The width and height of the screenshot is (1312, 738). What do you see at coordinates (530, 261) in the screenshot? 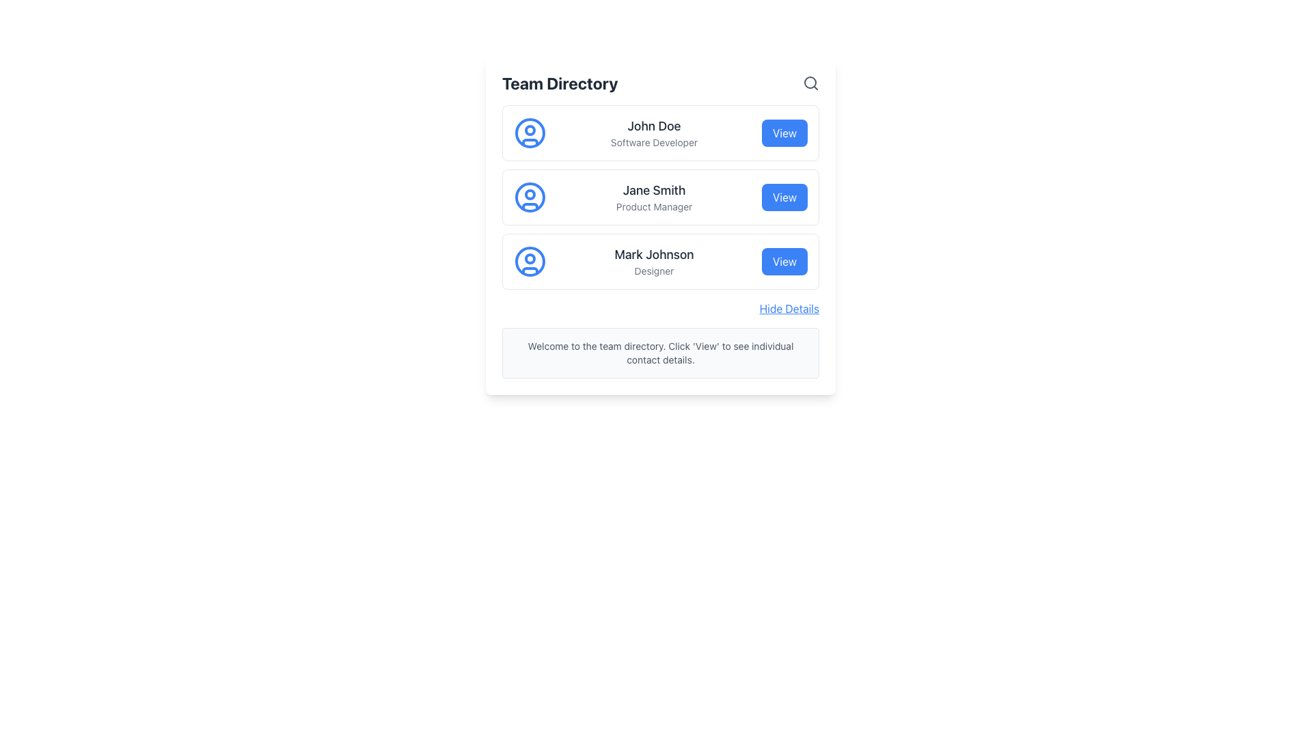
I see `the user icon with a blue outline located in the third entry of the 'Team Directory' section, which precedes the text 'Mark Johnson' and 'Designer'` at bounding box center [530, 261].